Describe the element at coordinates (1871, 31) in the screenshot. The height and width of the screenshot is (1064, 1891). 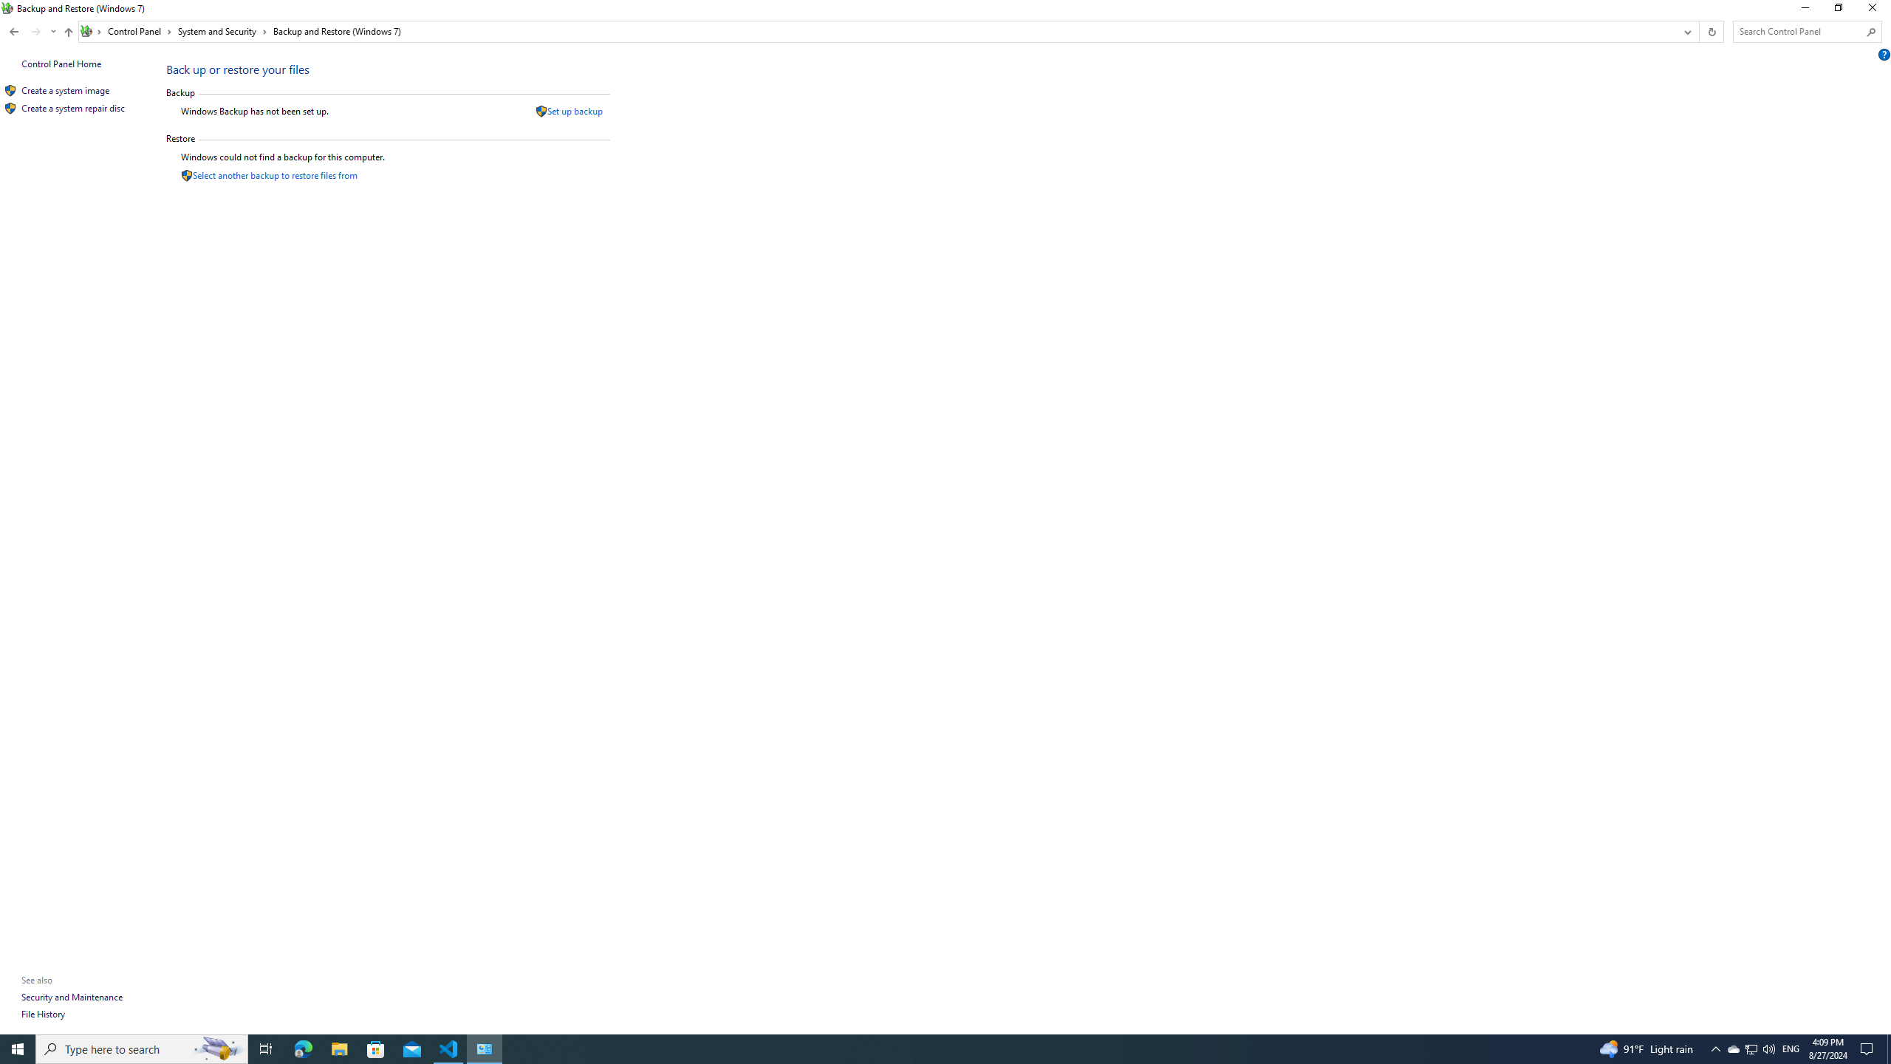
I see `'Search'` at that location.